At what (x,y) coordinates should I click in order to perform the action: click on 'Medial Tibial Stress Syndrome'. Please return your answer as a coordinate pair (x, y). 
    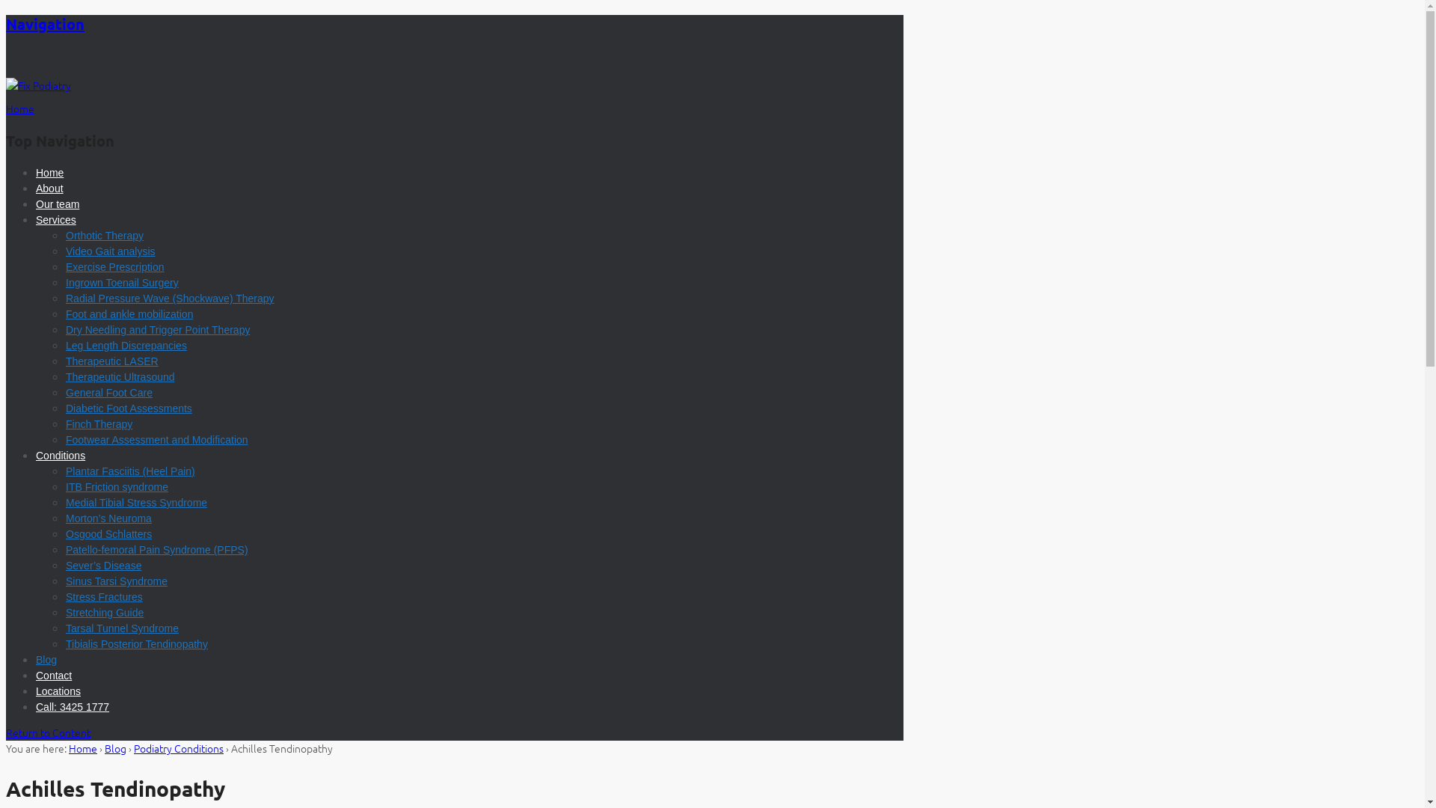
    Looking at the image, I should click on (64, 502).